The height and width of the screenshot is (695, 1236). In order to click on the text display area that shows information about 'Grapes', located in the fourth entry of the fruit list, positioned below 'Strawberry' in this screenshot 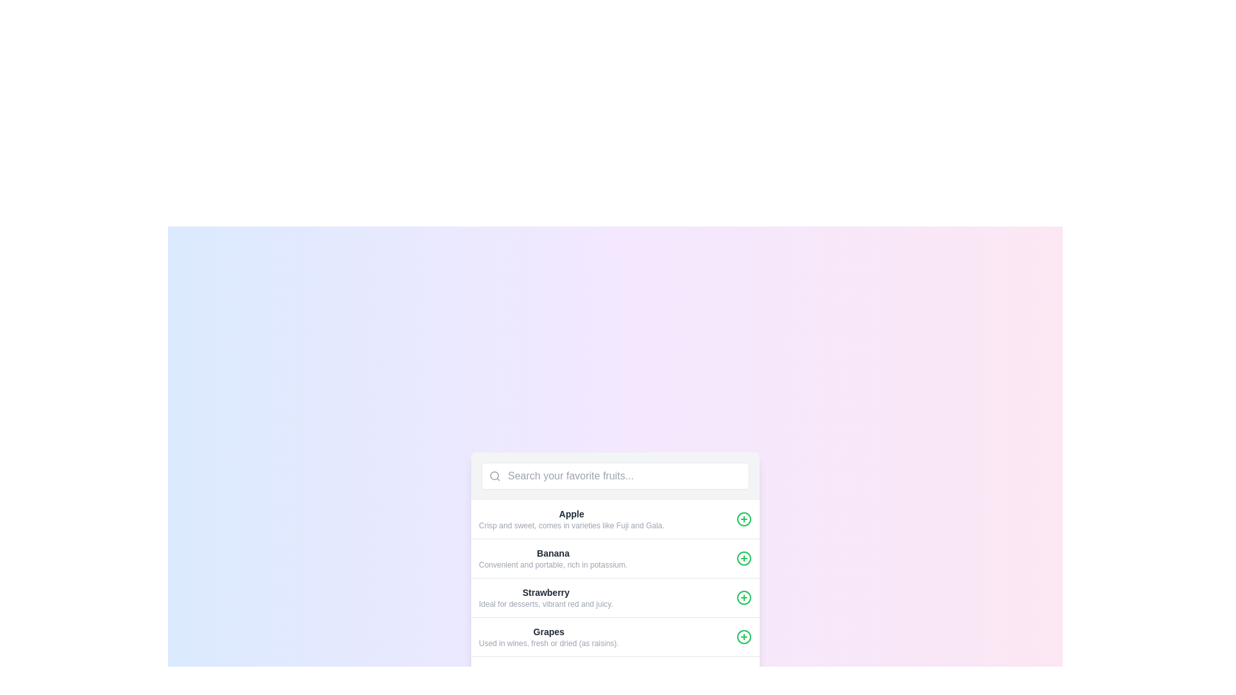, I will do `click(548, 637)`.